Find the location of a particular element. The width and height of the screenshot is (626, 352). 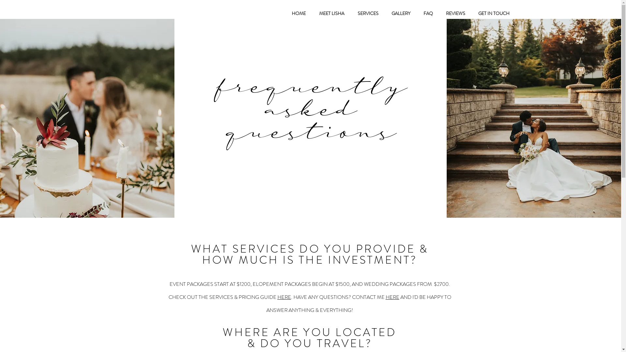

'FAQ' is located at coordinates (416, 13).